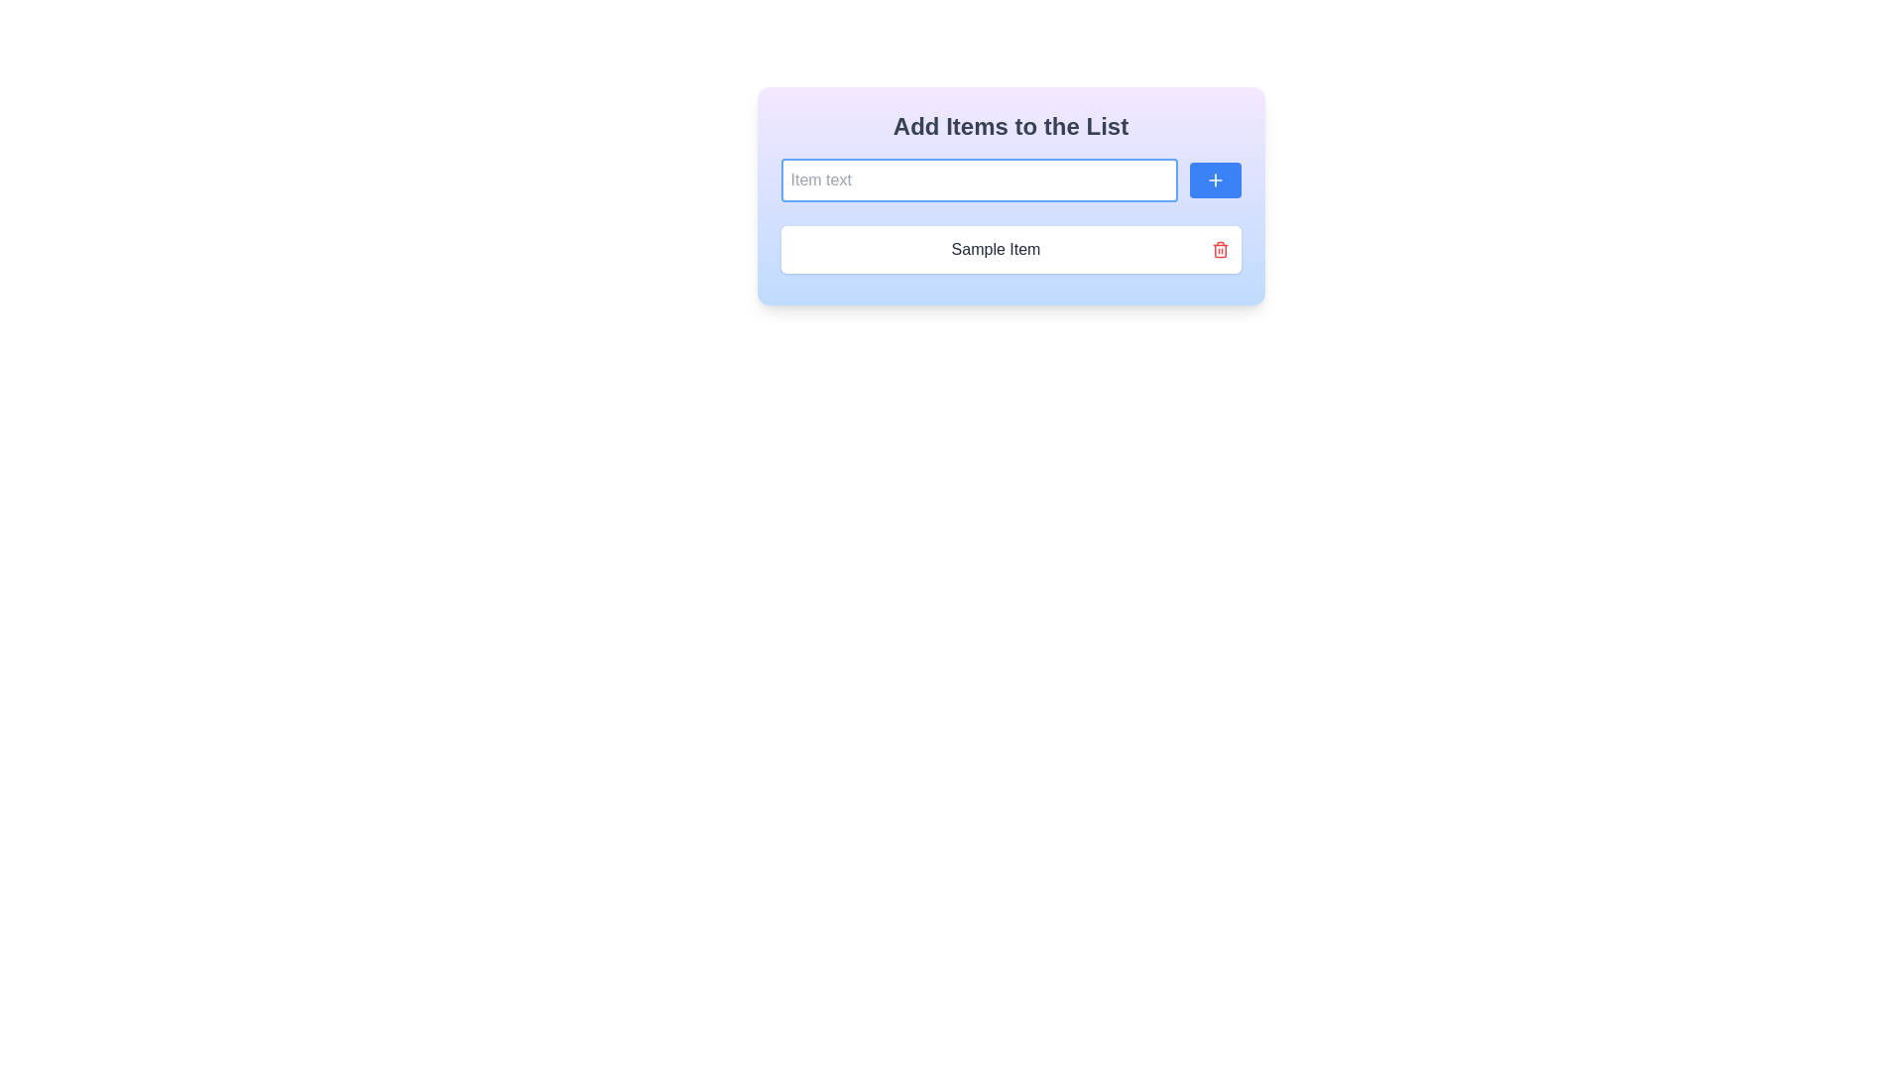 The height and width of the screenshot is (1071, 1904). I want to click on descriptive label that identifies the first item in the list under 'Add Items to the List', located on the left side next to the delete icon, so click(996, 248).